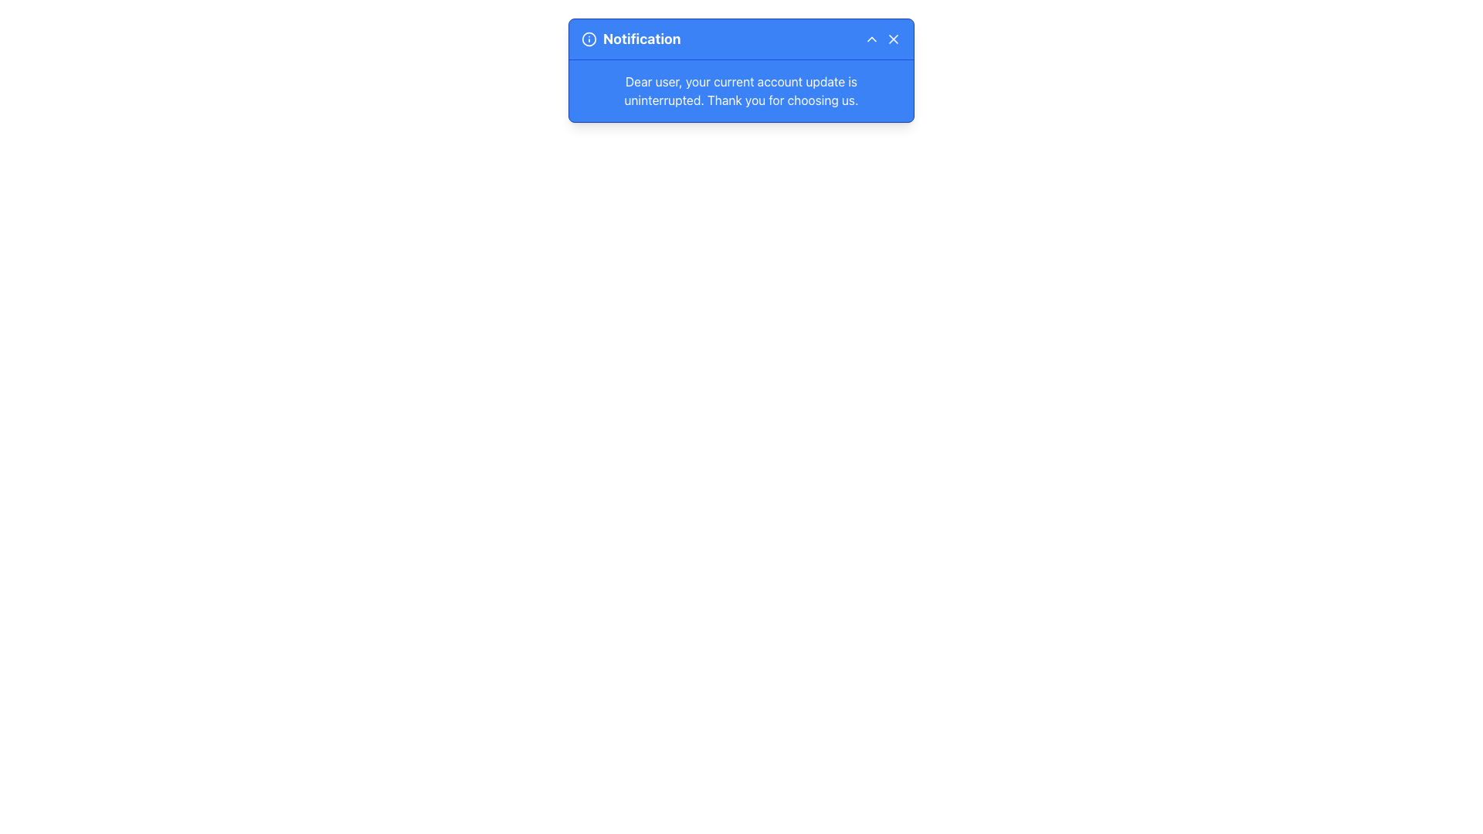 The width and height of the screenshot is (1483, 834). Describe the element at coordinates (589, 38) in the screenshot. I see `the small circular information icon located to the left of the 'Notification' title text in the notification banner` at that location.